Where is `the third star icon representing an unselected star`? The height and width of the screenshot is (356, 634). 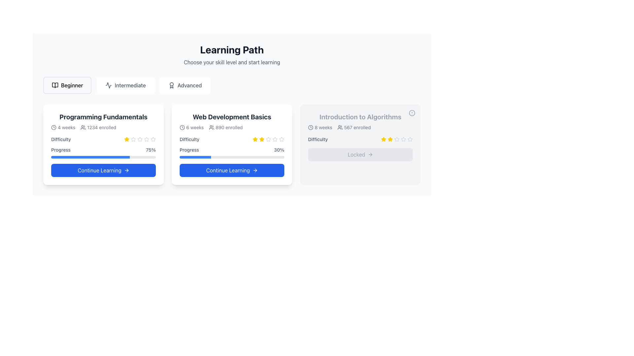
the third star icon representing an unselected star is located at coordinates (133, 139).